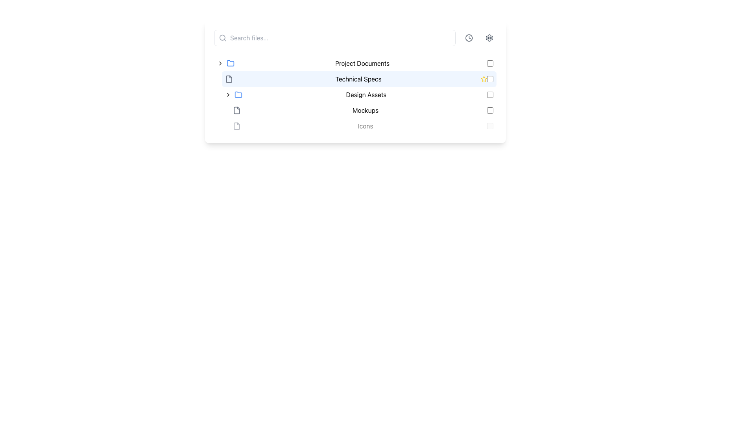 Image resolution: width=753 pixels, height=423 pixels. I want to click on the selectable list item named 'Icons', which is the last row in a vertical stack of items under 'Mockups' and 'Design Assets', so click(355, 125).